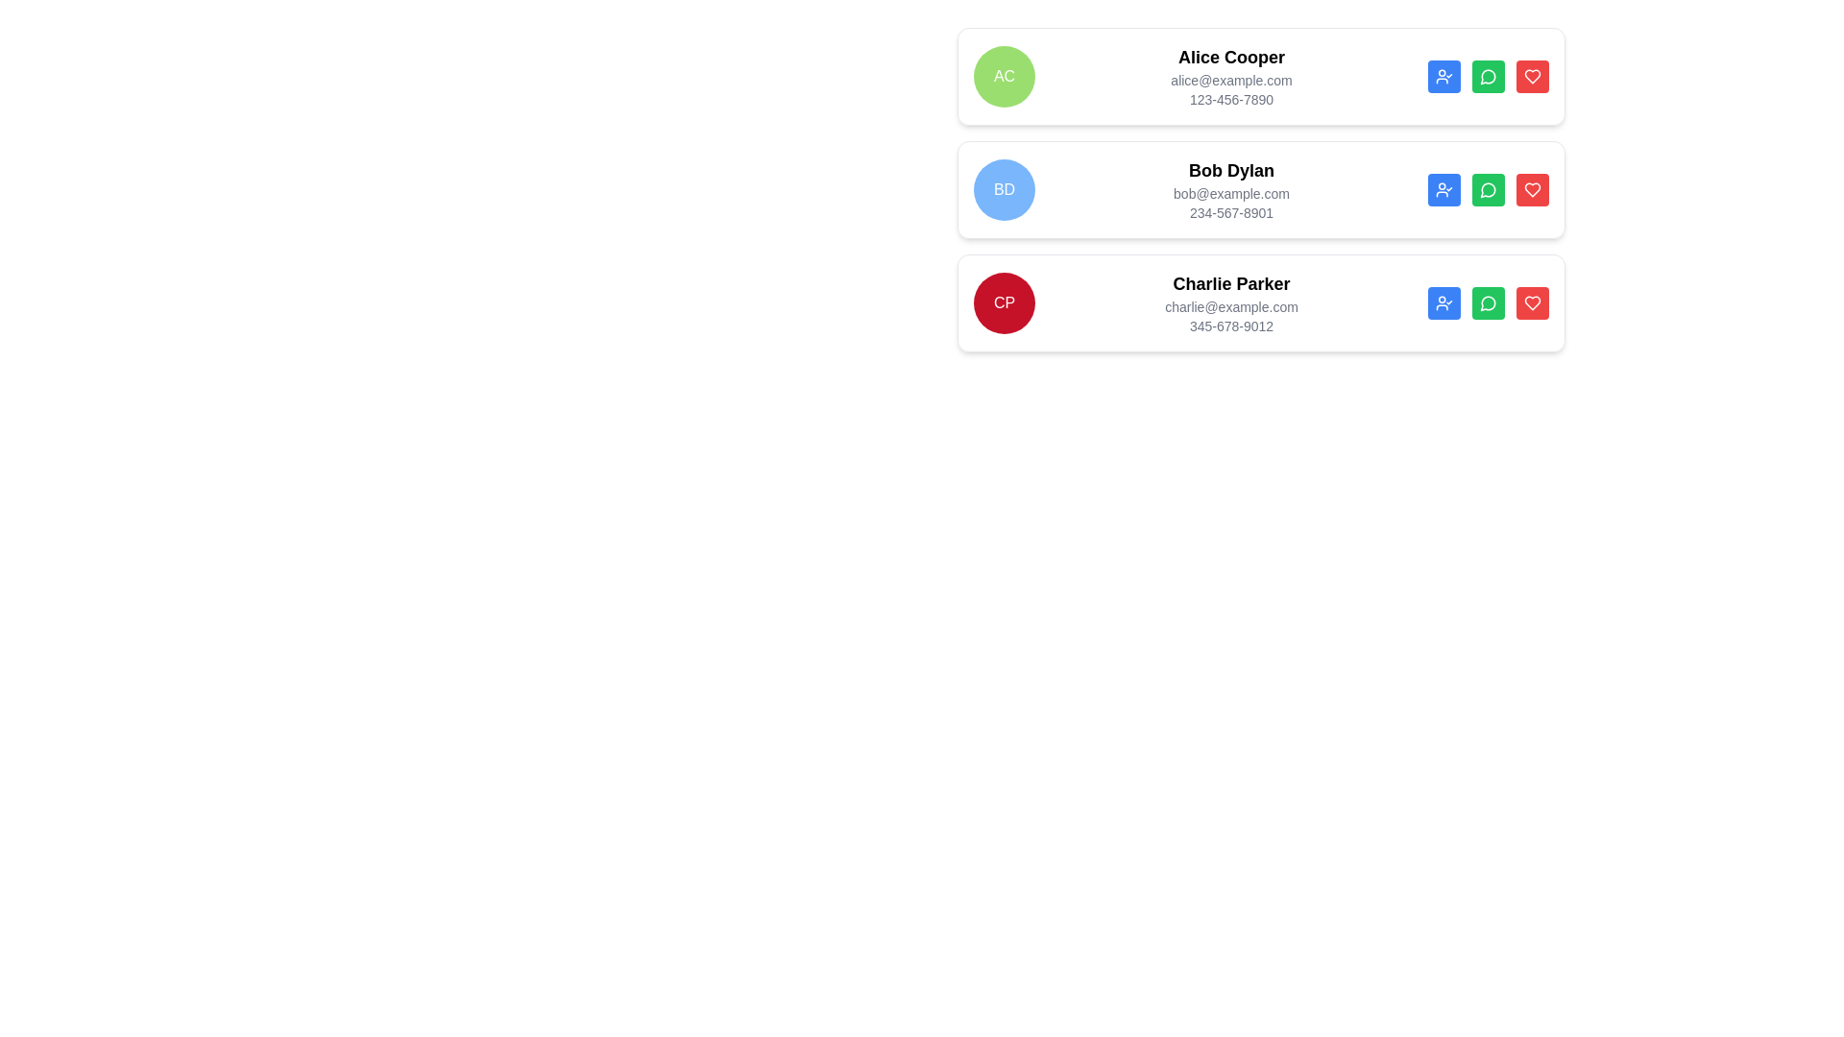  What do you see at coordinates (1261, 76) in the screenshot?
I see `the first user profile card located at the top of the vertically stacked list of profile cards` at bounding box center [1261, 76].